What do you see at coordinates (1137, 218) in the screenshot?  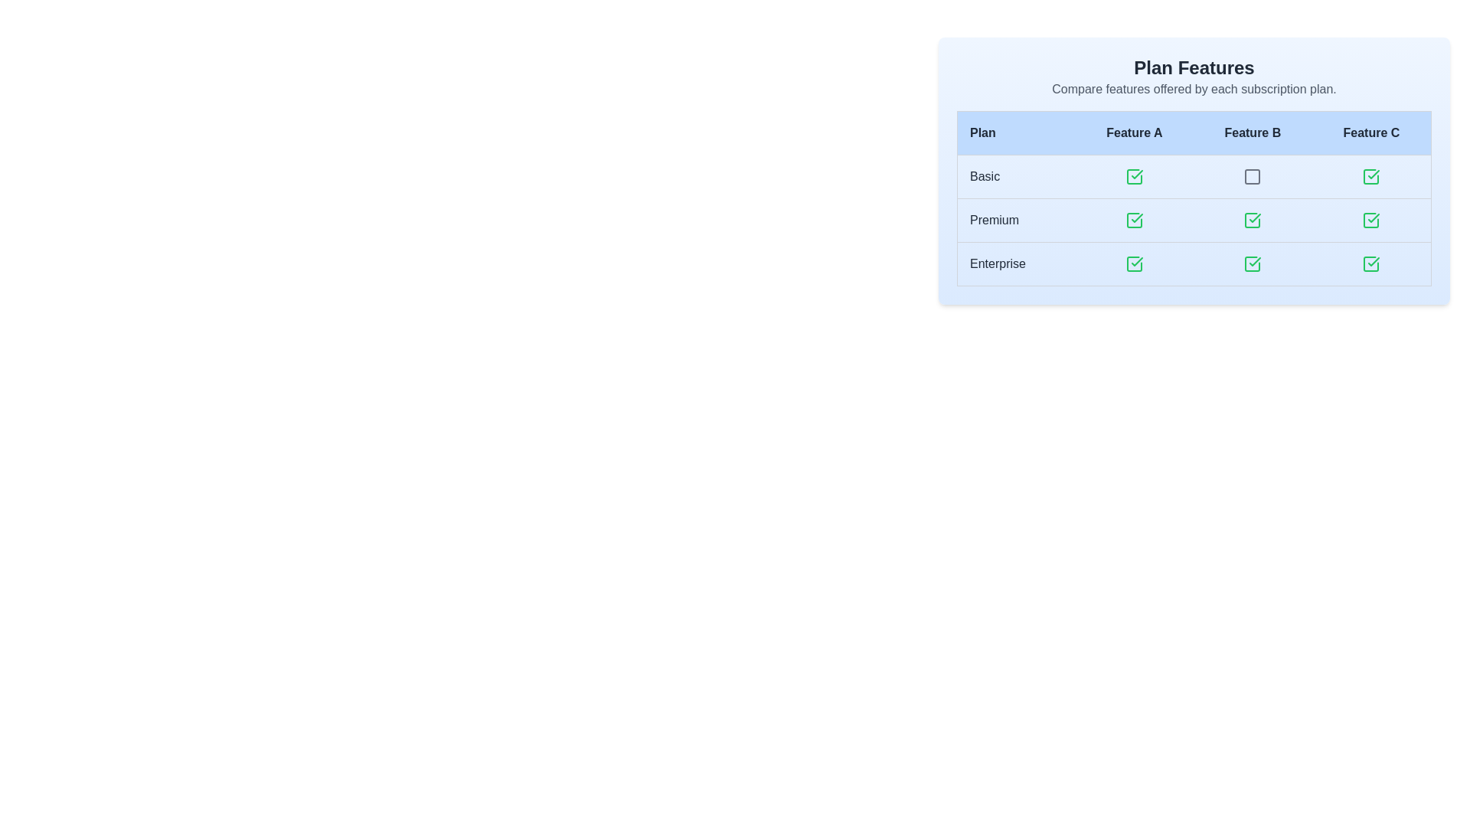 I see `the green checkmark SVG icon indicating that the Premium subscription plan includes Feature B, located in the Premium row and Feature B column of the Plan Features table` at bounding box center [1137, 218].